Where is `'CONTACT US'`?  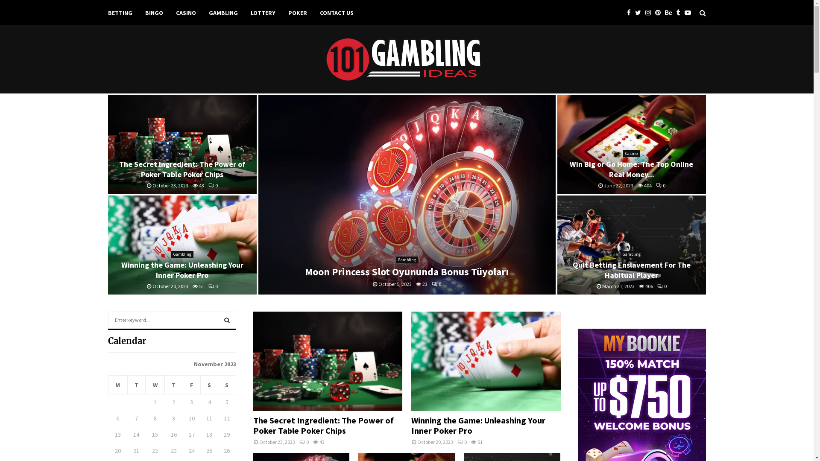
'CONTACT US' is located at coordinates (319, 13).